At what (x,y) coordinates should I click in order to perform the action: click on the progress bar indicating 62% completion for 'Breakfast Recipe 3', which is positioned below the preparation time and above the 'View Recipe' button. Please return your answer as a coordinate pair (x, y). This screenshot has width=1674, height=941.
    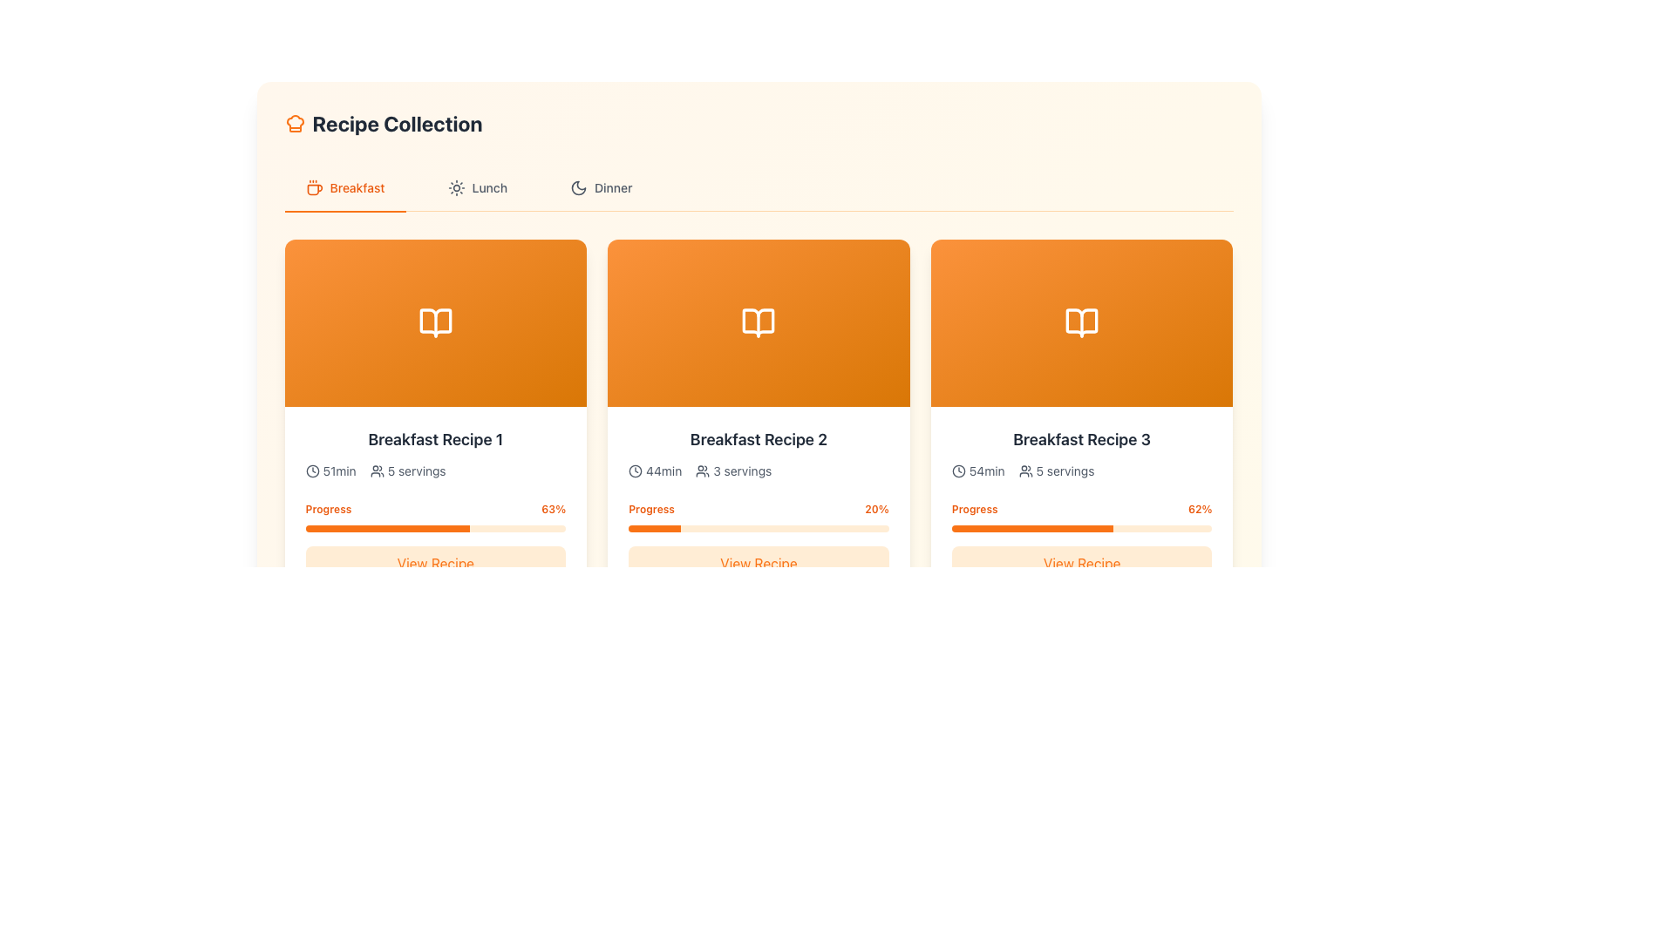
    Looking at the image, I should click on (1081, 512).